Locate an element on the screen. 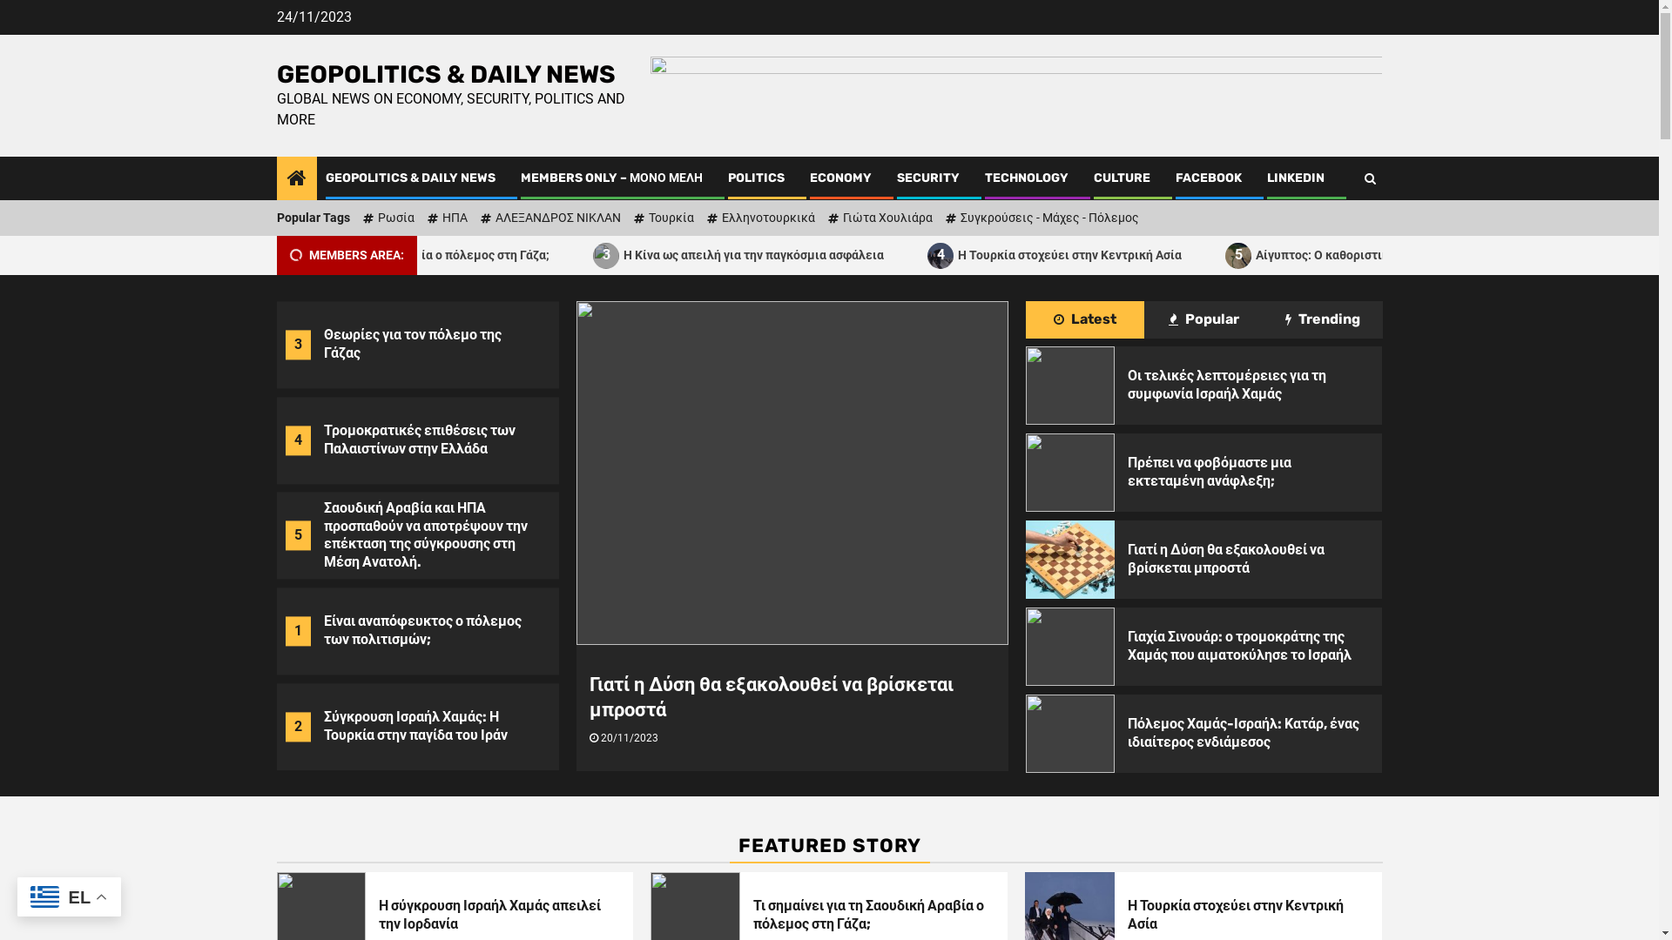 This screenshot has width=1672, height=940. 'SECURITY' is located at coordinates (897, 178).